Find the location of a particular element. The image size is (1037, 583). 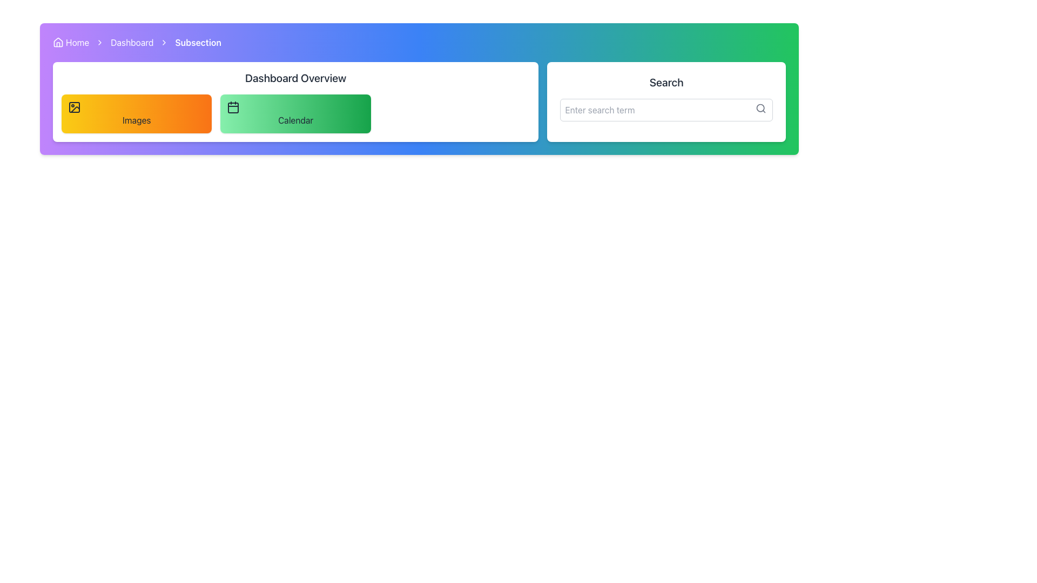

the 'Home' icon located in the top-left corner of the breadcrumb navigation bar is located at coordinates (58, 41).